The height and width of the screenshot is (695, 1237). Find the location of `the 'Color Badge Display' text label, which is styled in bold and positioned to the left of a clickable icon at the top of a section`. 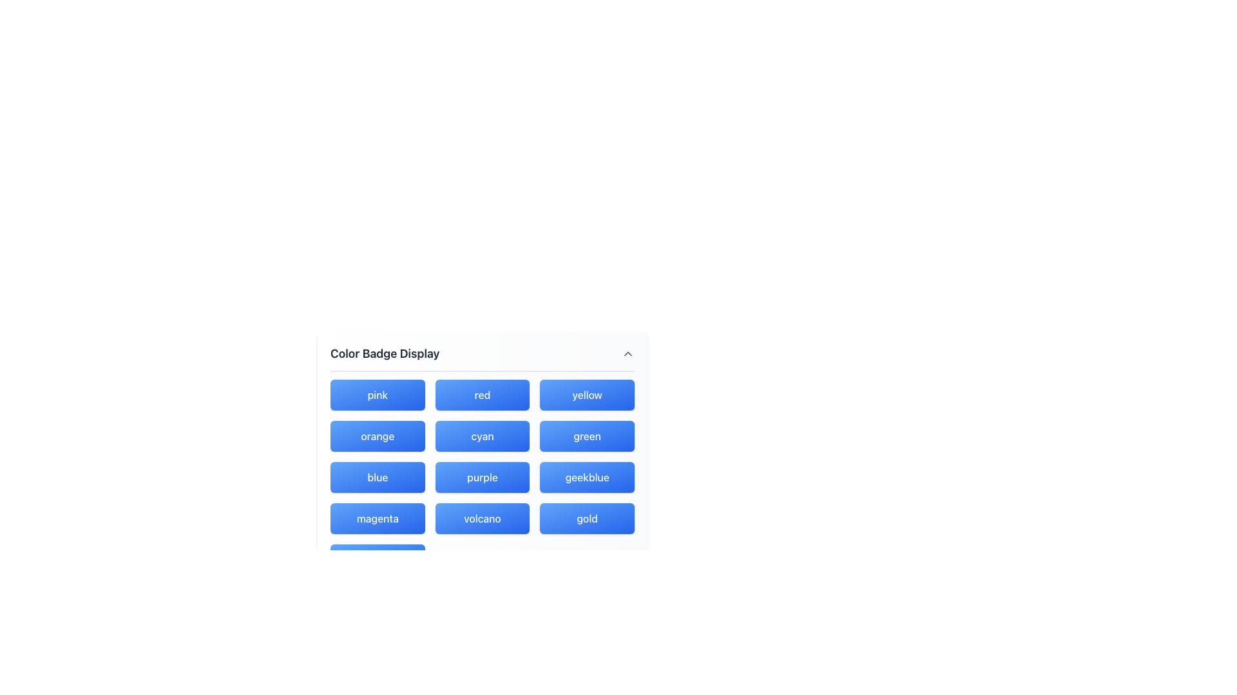

the 'Color Badge Display' text label, which is styled in bold and positioned to the left of a clickable icon at the top of a section is located at coordinates (384, 354).